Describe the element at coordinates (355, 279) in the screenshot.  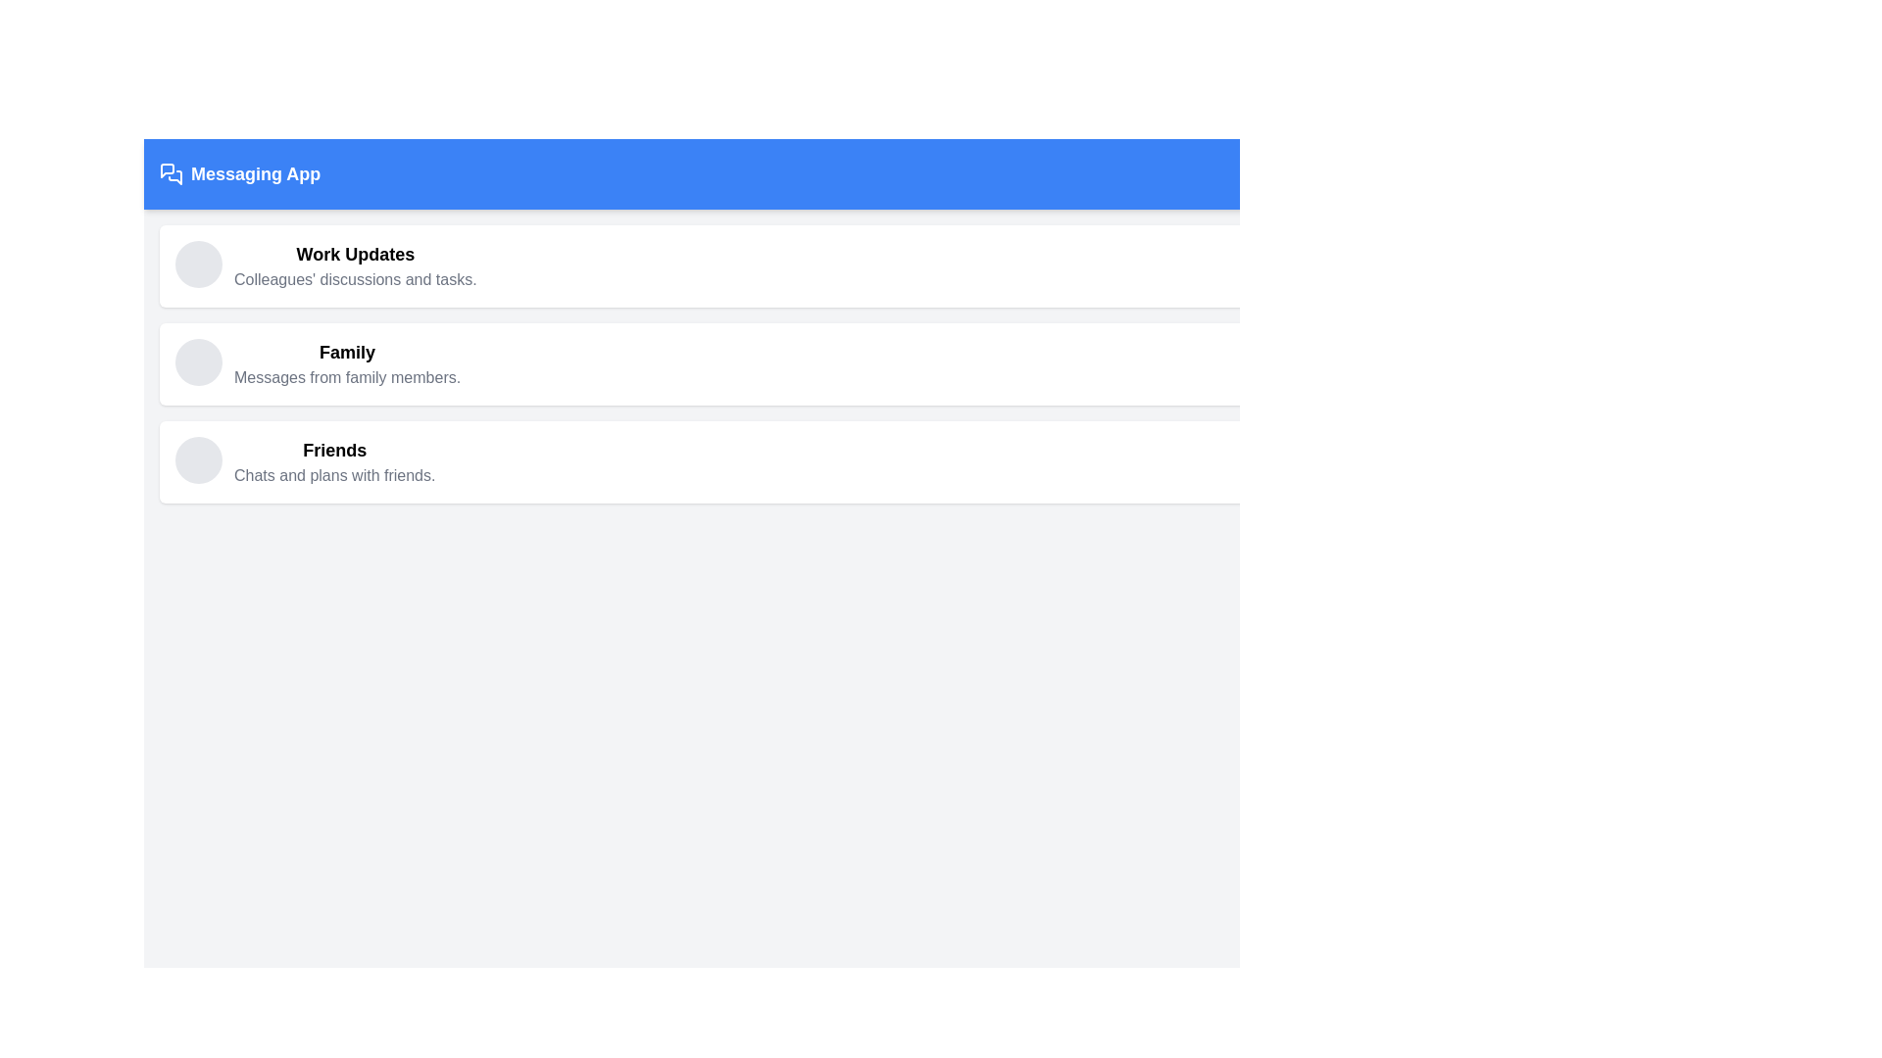
I see `the informational text label located below the 'Work Updates' heading, which describes colleagues' discussions and tasks` at that location.